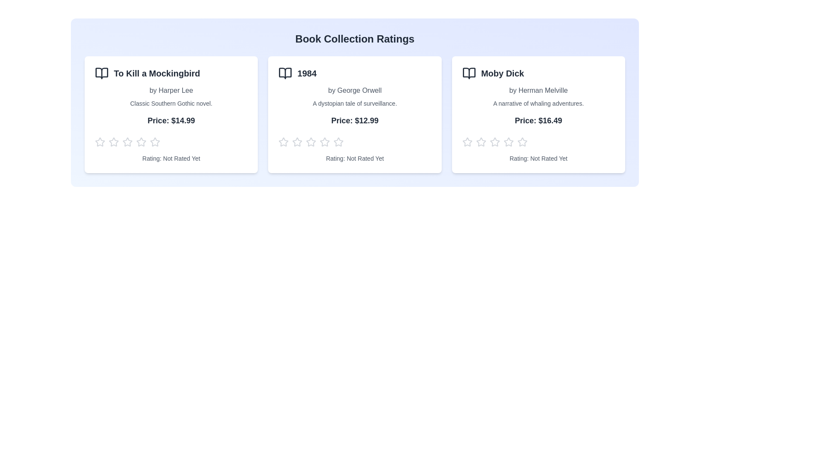 The image size is (825, 464). I want to click on the book card for To Kill a Mockingbird, so click(171, 114).